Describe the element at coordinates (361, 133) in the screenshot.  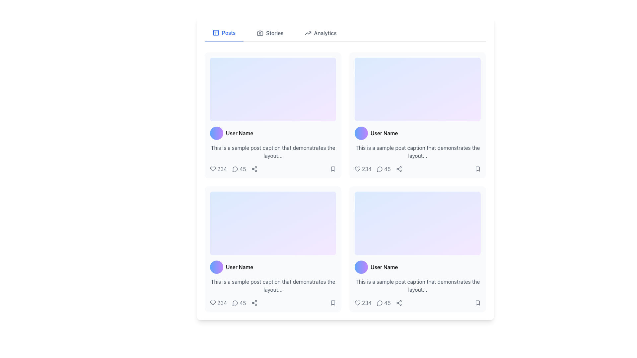
I see `the graphical details of the Avatar representation located in the top-right quadrant of the interface, positioned next to the 'User Name' text` at that location.